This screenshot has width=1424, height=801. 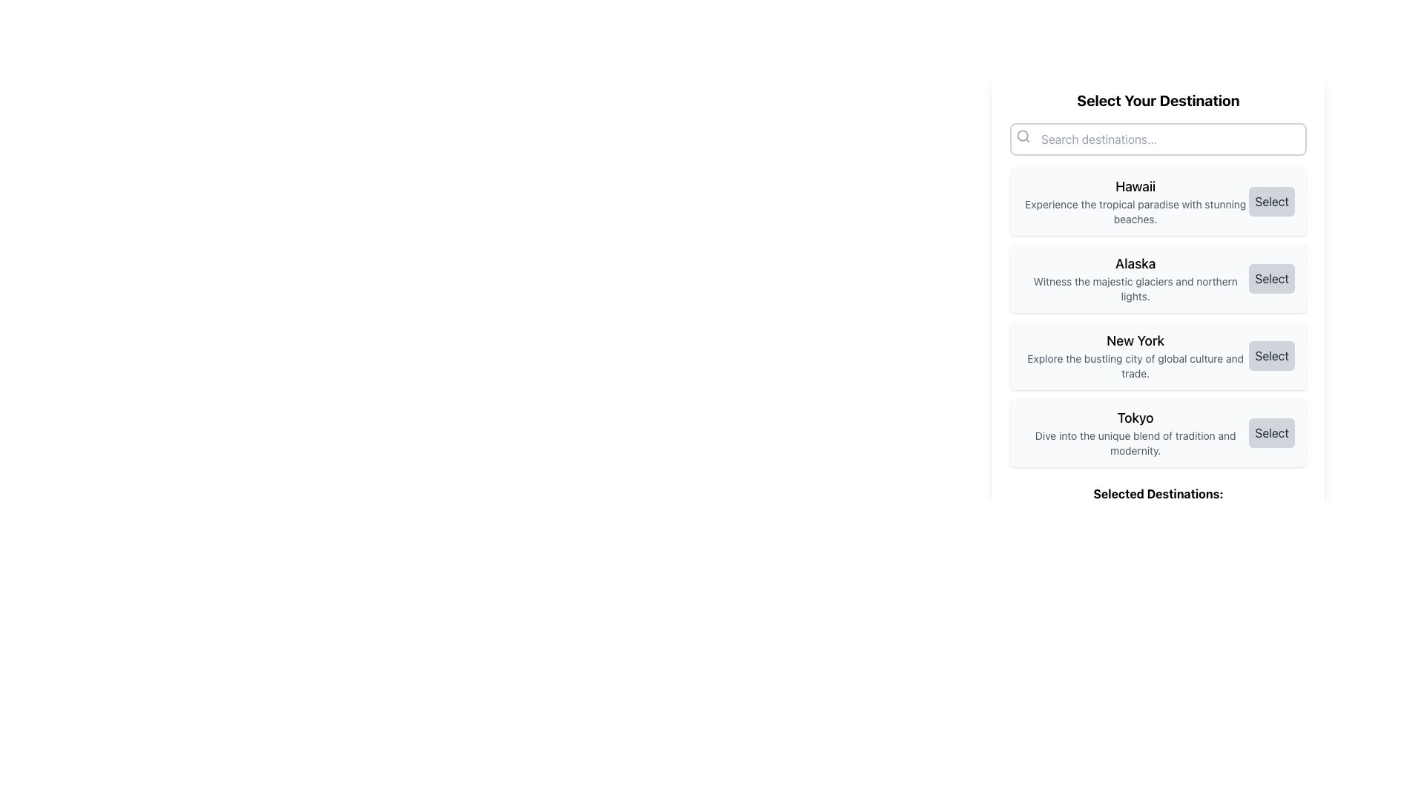 I want to click on the magnifying glass icon representing the search function, located at the top-left corner of the search input field in the 'Select Your Destination' component, so click(x=1023, y=136).